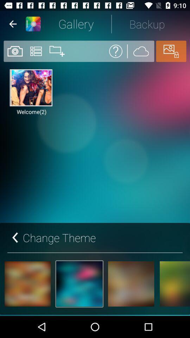 This screenshot has width=190, height=338. I want to click on the photo icon, so click(14, 51).